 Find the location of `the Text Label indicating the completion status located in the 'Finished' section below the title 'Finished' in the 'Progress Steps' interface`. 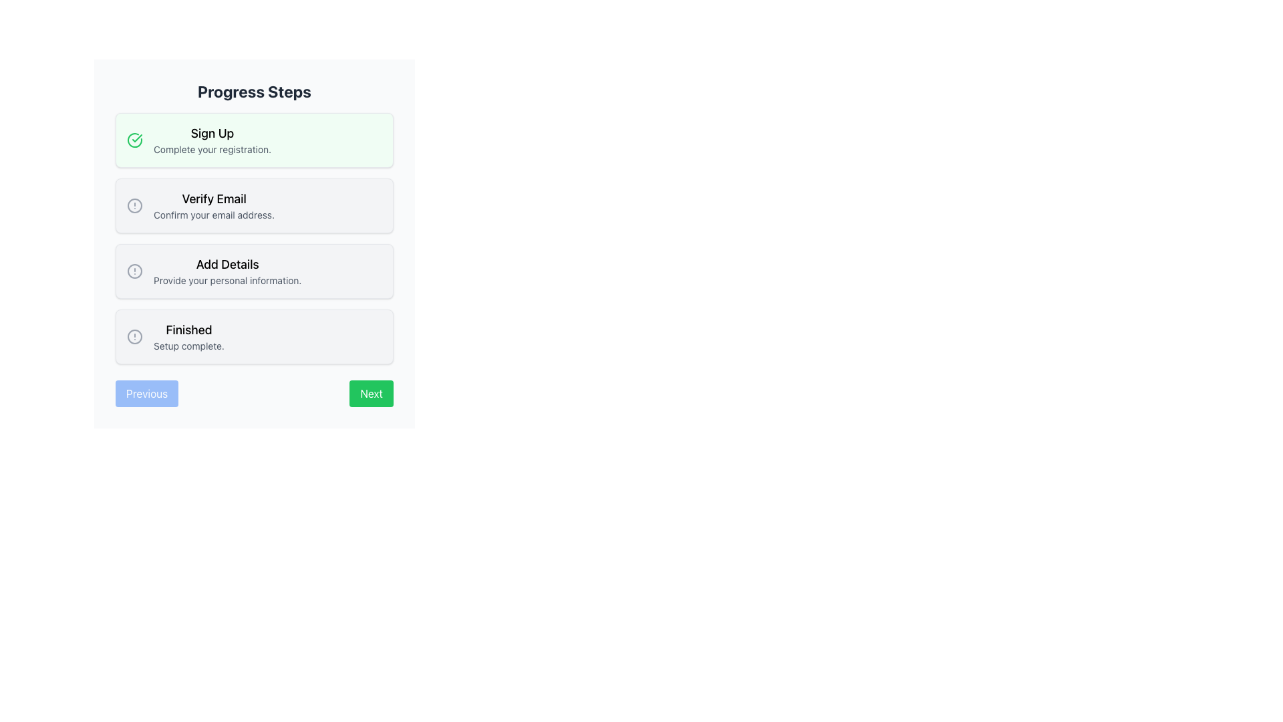

the Text Label indicating the completion status located in the 'Finished' section below the title 'Finished' in the 'Progress Steps' interface is located at coordinates (188, 345).